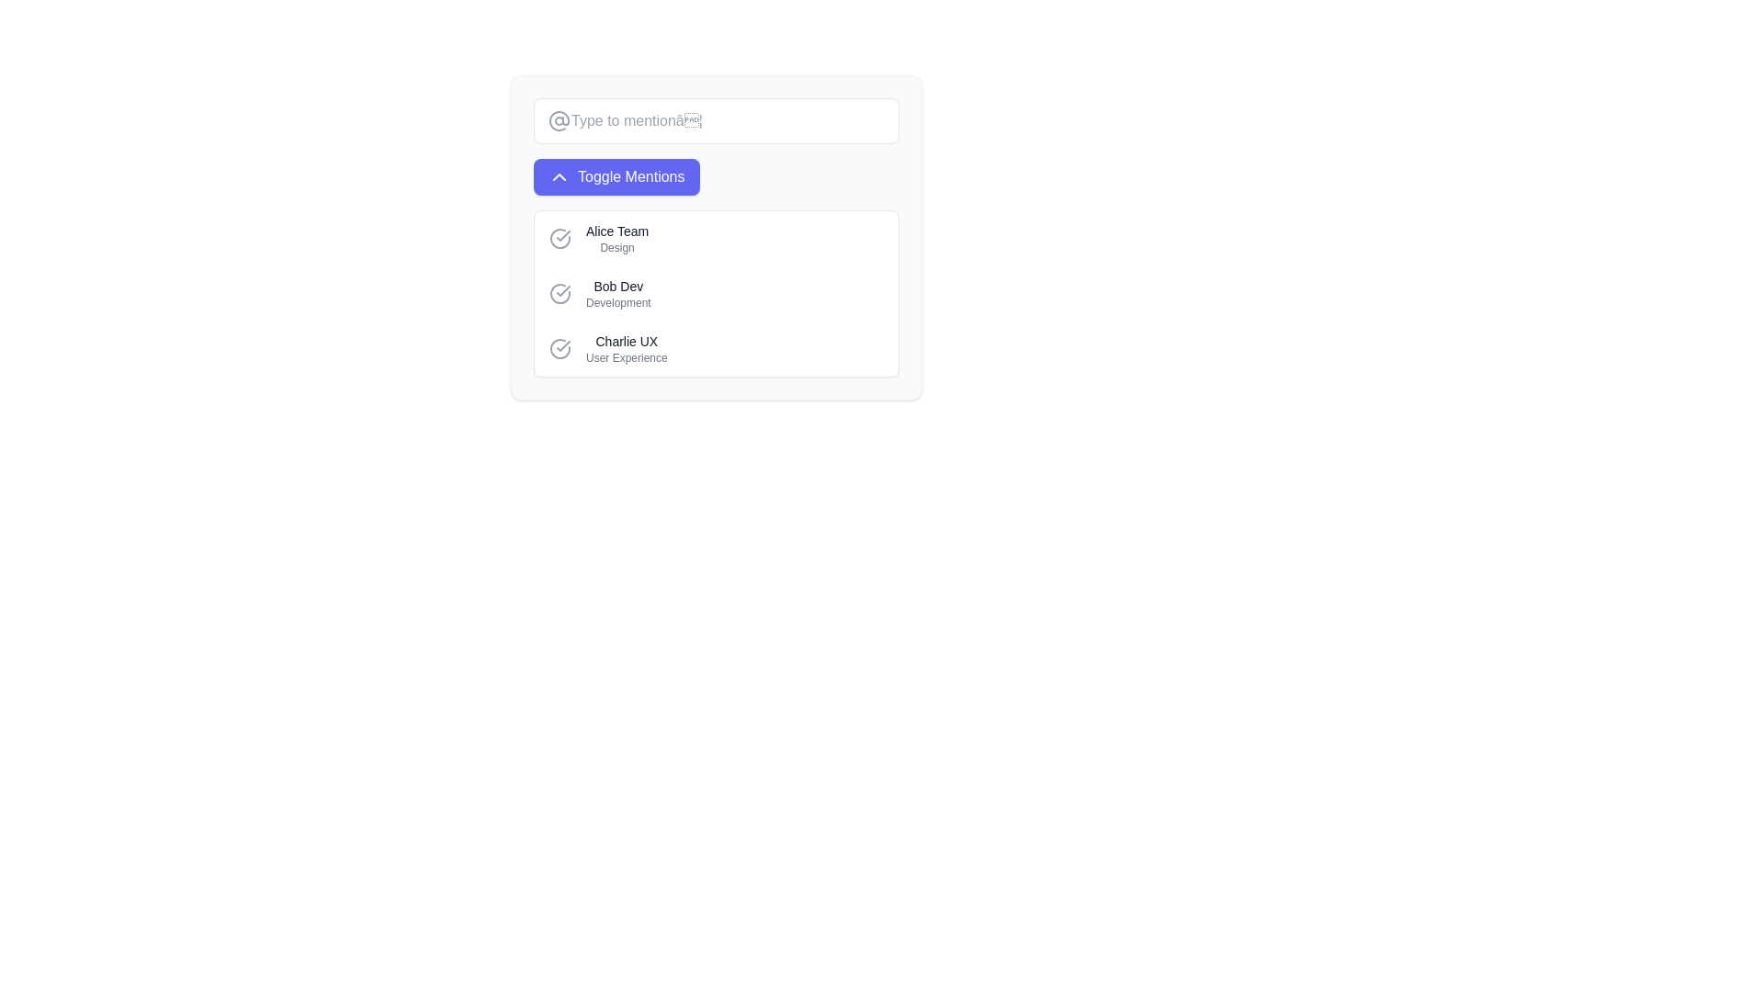 This screenshot has height=992, width=1764. I want to click on the first line of text in the second list item of the drop-down suggestion panel, so click(618, 287).